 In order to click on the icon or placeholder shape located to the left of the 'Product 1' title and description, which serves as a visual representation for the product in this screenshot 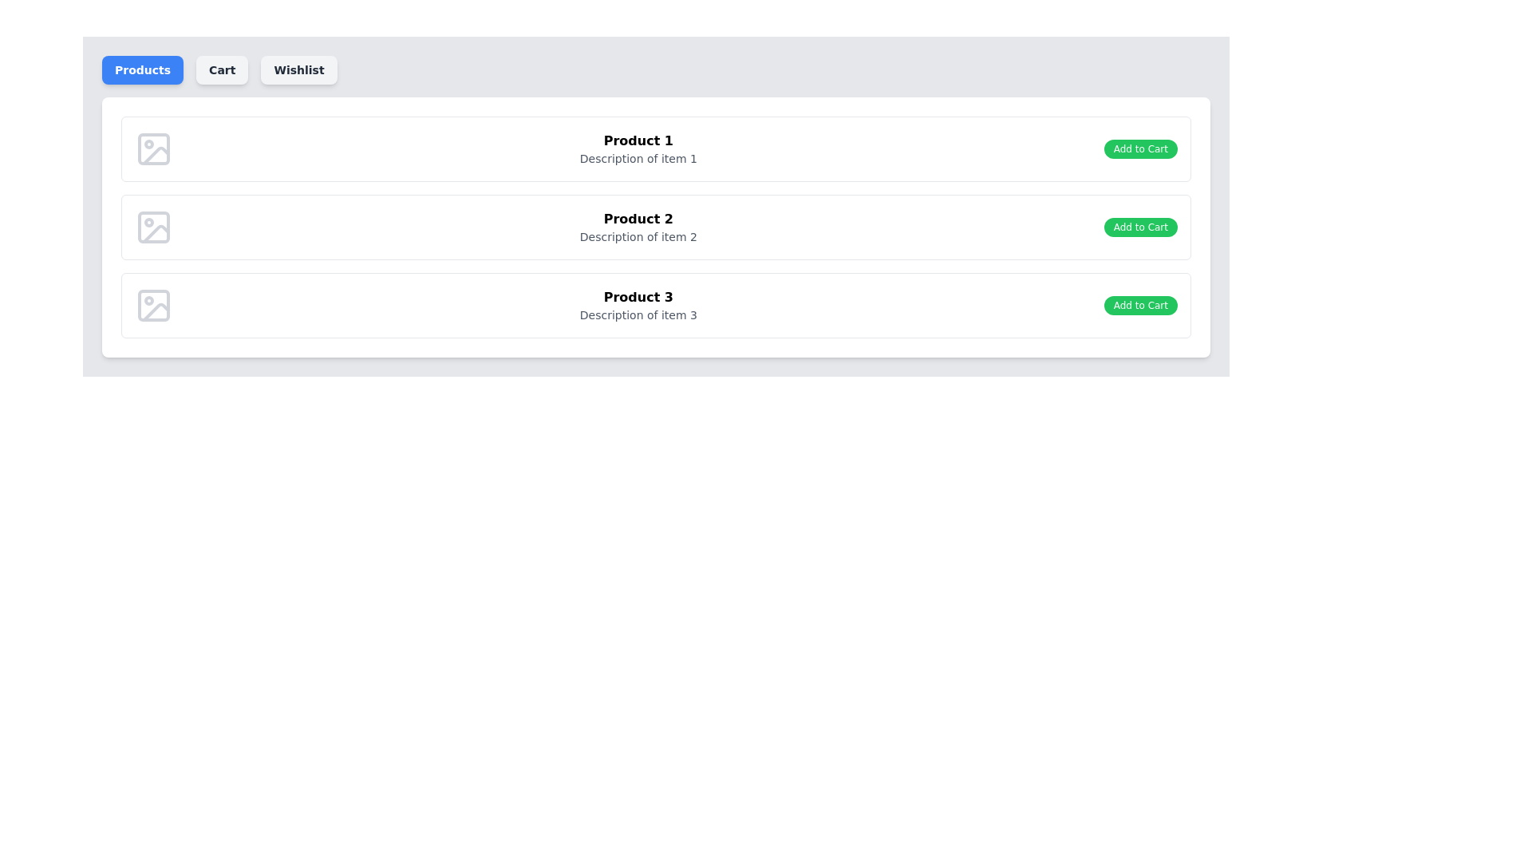, I will do `click(153, 148)`.